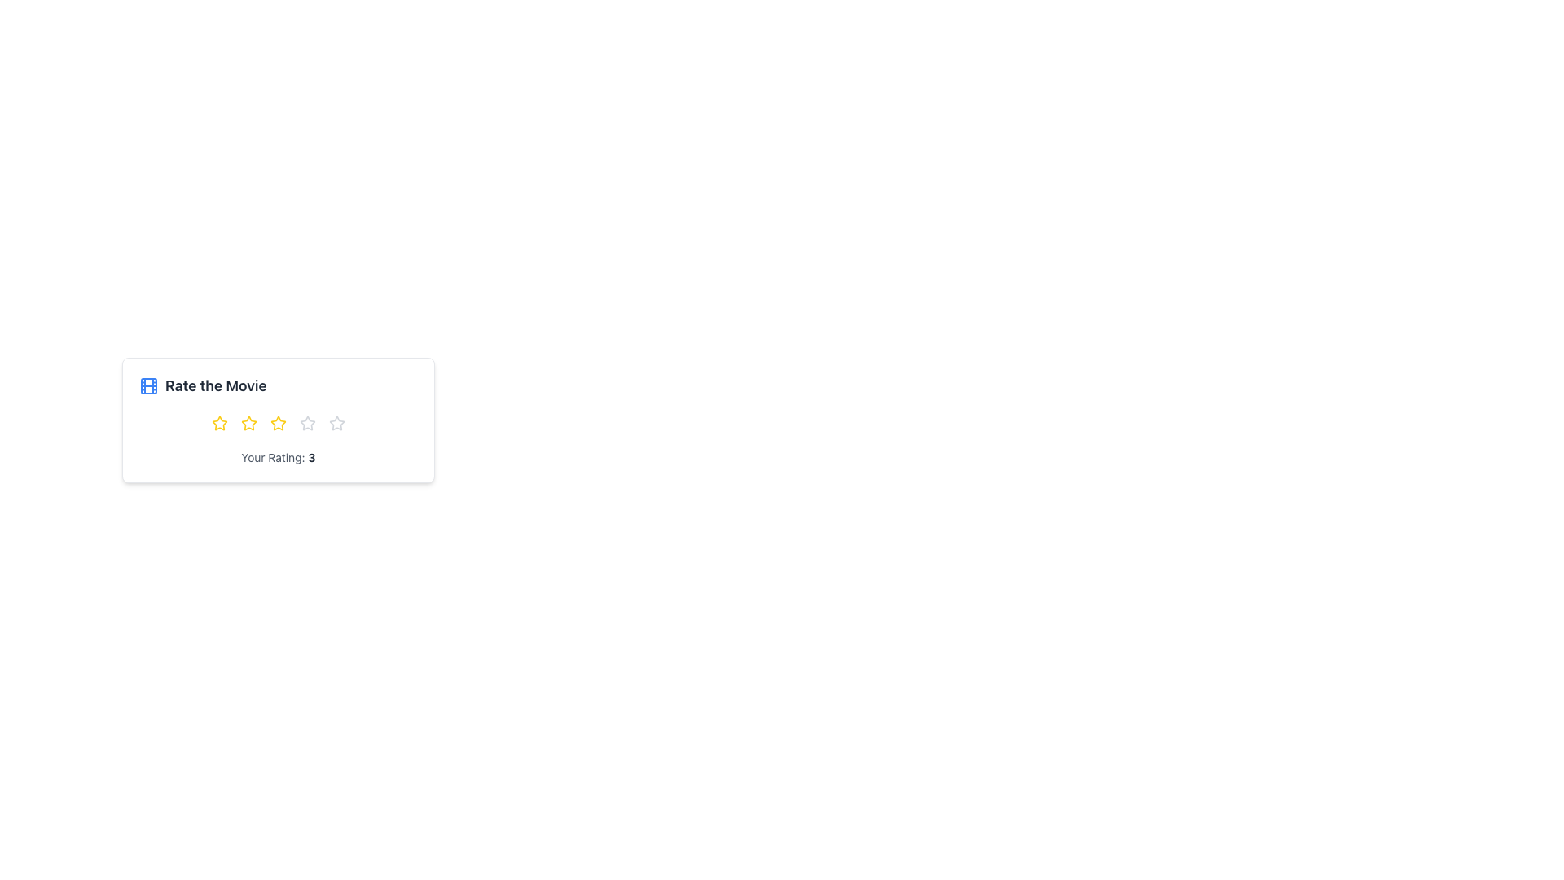 The width and height of the screenshot is (1564, 880). Describe the element at coordinates (308, 423) in the screenshot. I see `the third star icon` at that location.